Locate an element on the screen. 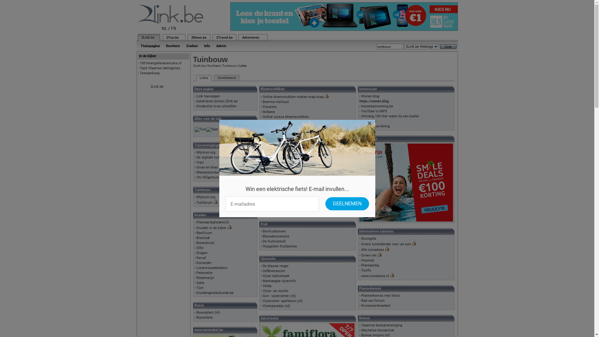 This screenshot has height=337, width=599. 'Koriander' is located at coordinates (196, 263).